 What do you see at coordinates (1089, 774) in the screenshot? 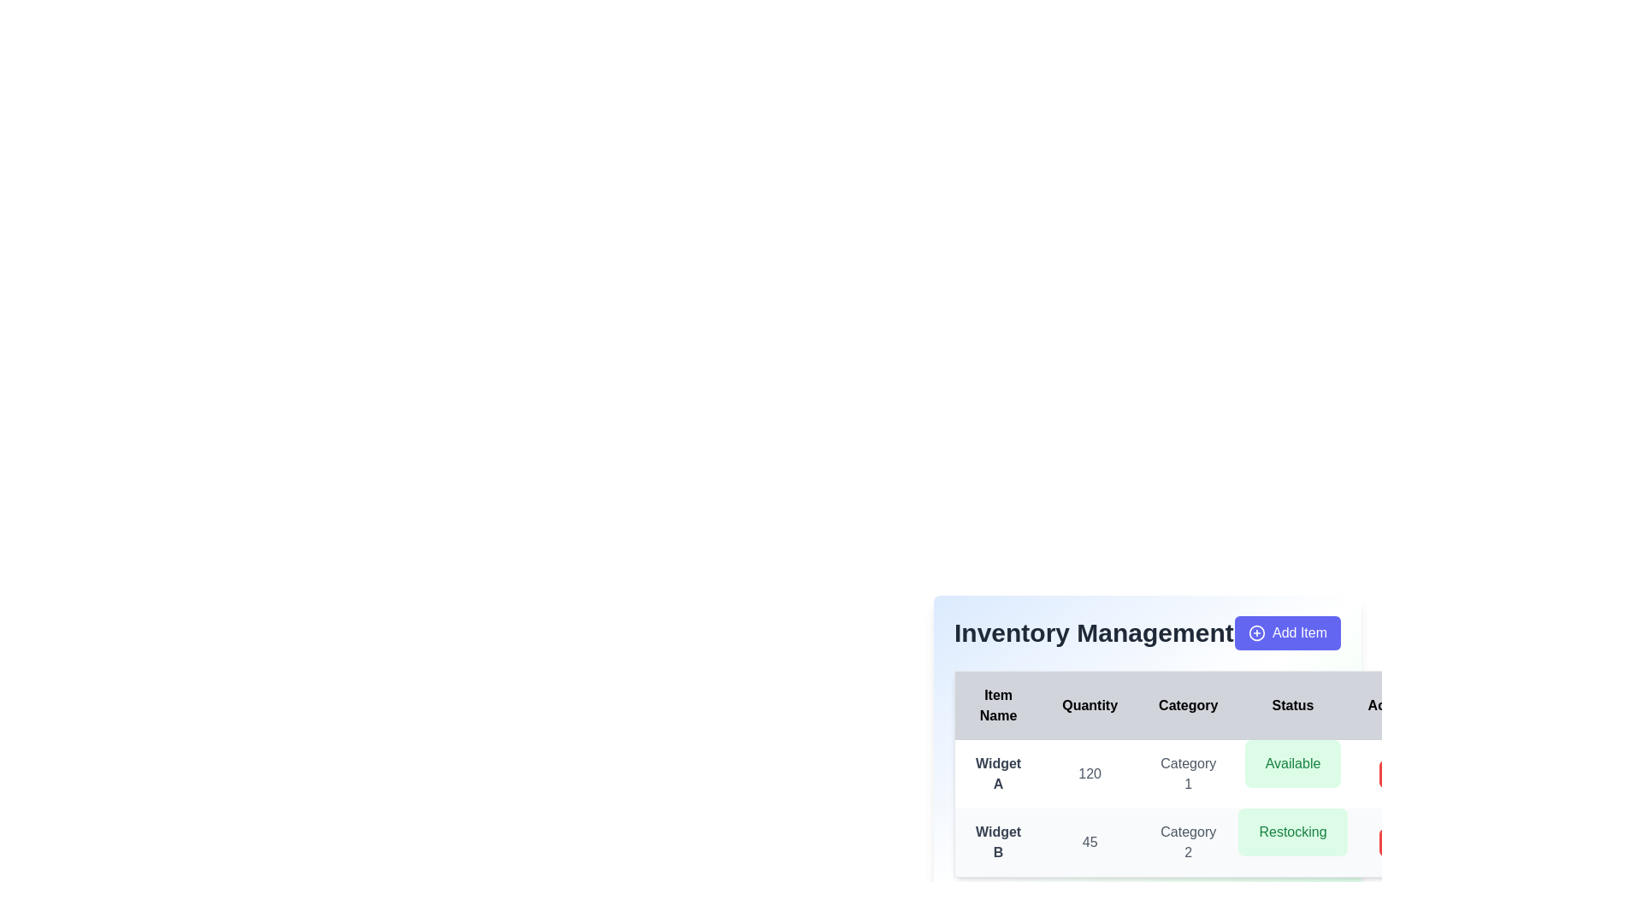
I see `the quantity display text for 'Widget A' in the inventory table, located in the second column of the first row under the 'Quantity' column` at bounding box center [1089, 774].